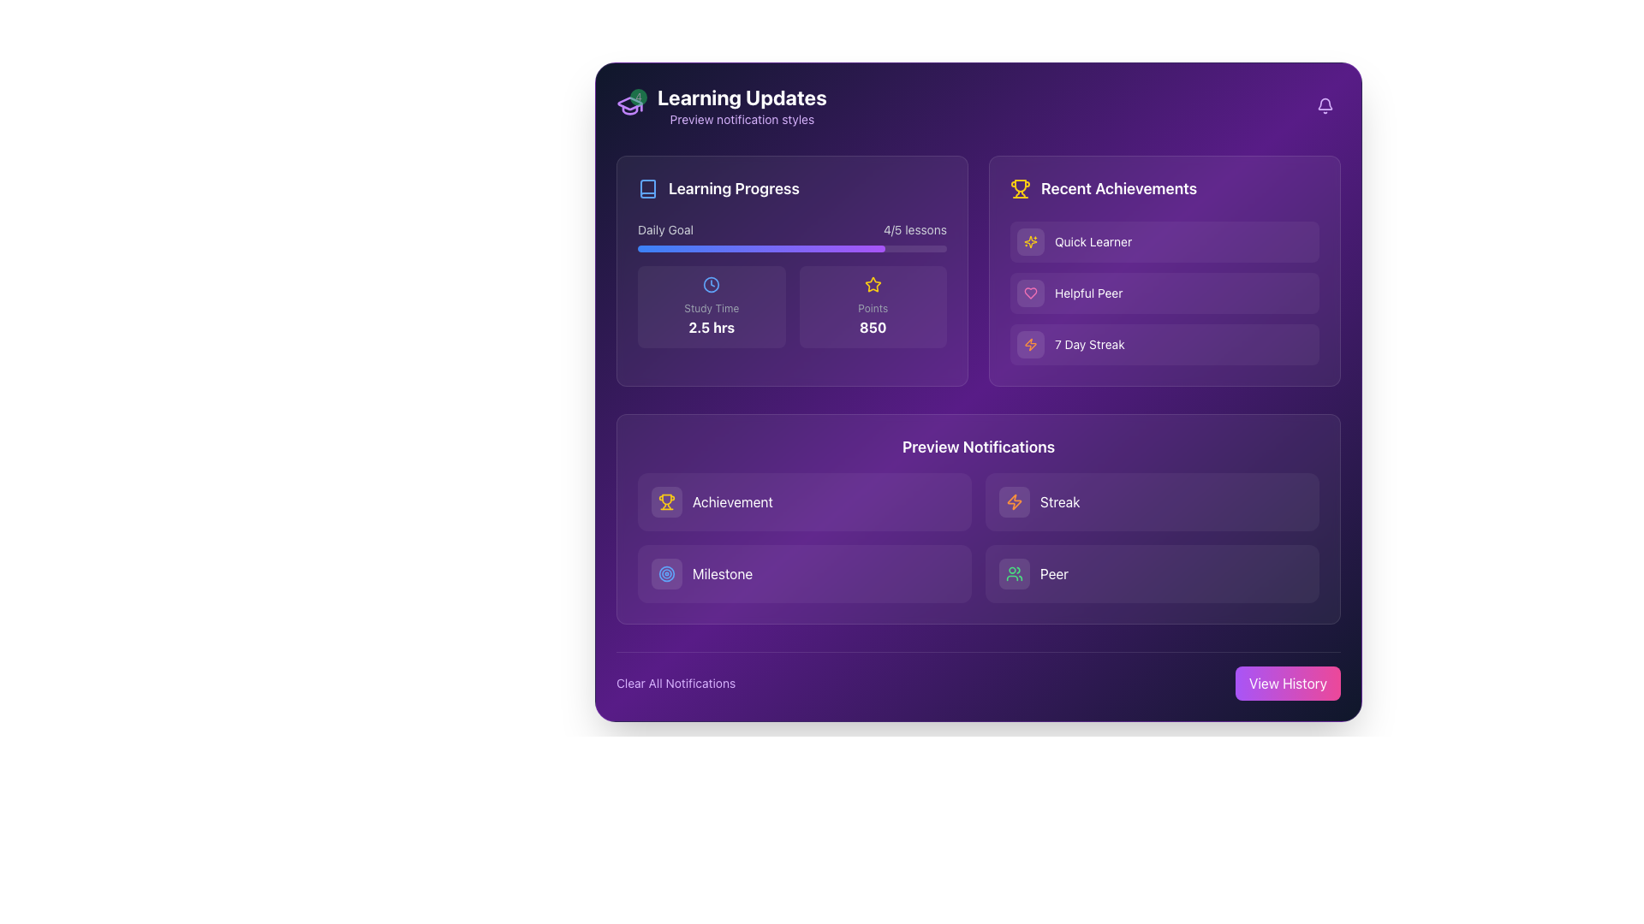 The height and width of the screenshot is (924, 1644). Describe the element at coordinates (804, 574) in the screenshot. I see `the interactive notification preview button labeled 'Milestone' located in the bottom-left quadrant of the grid layout` at that location.